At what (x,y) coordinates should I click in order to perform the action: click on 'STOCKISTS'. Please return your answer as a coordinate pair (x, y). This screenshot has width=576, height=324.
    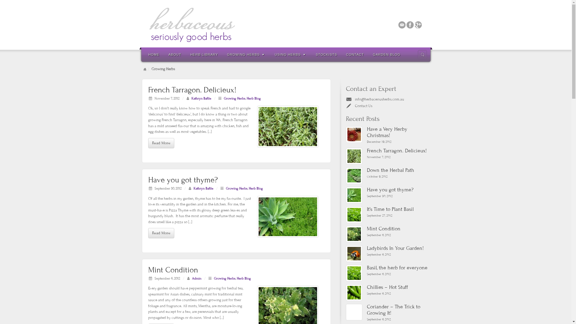
    Looking at the image, I should click on (326, 54).